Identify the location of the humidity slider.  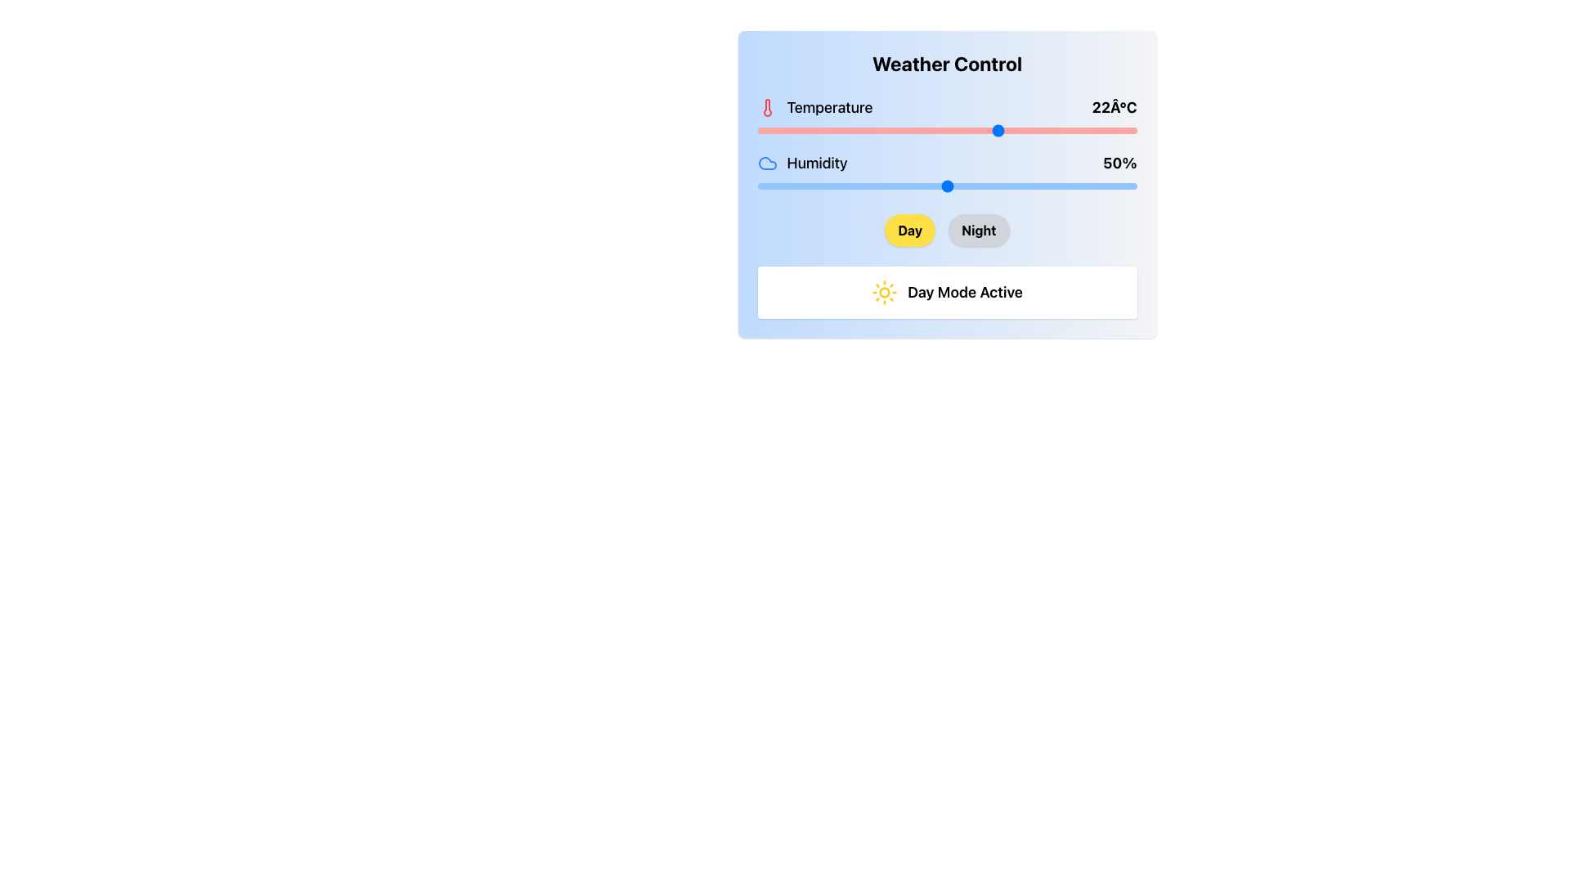
(917, 185).